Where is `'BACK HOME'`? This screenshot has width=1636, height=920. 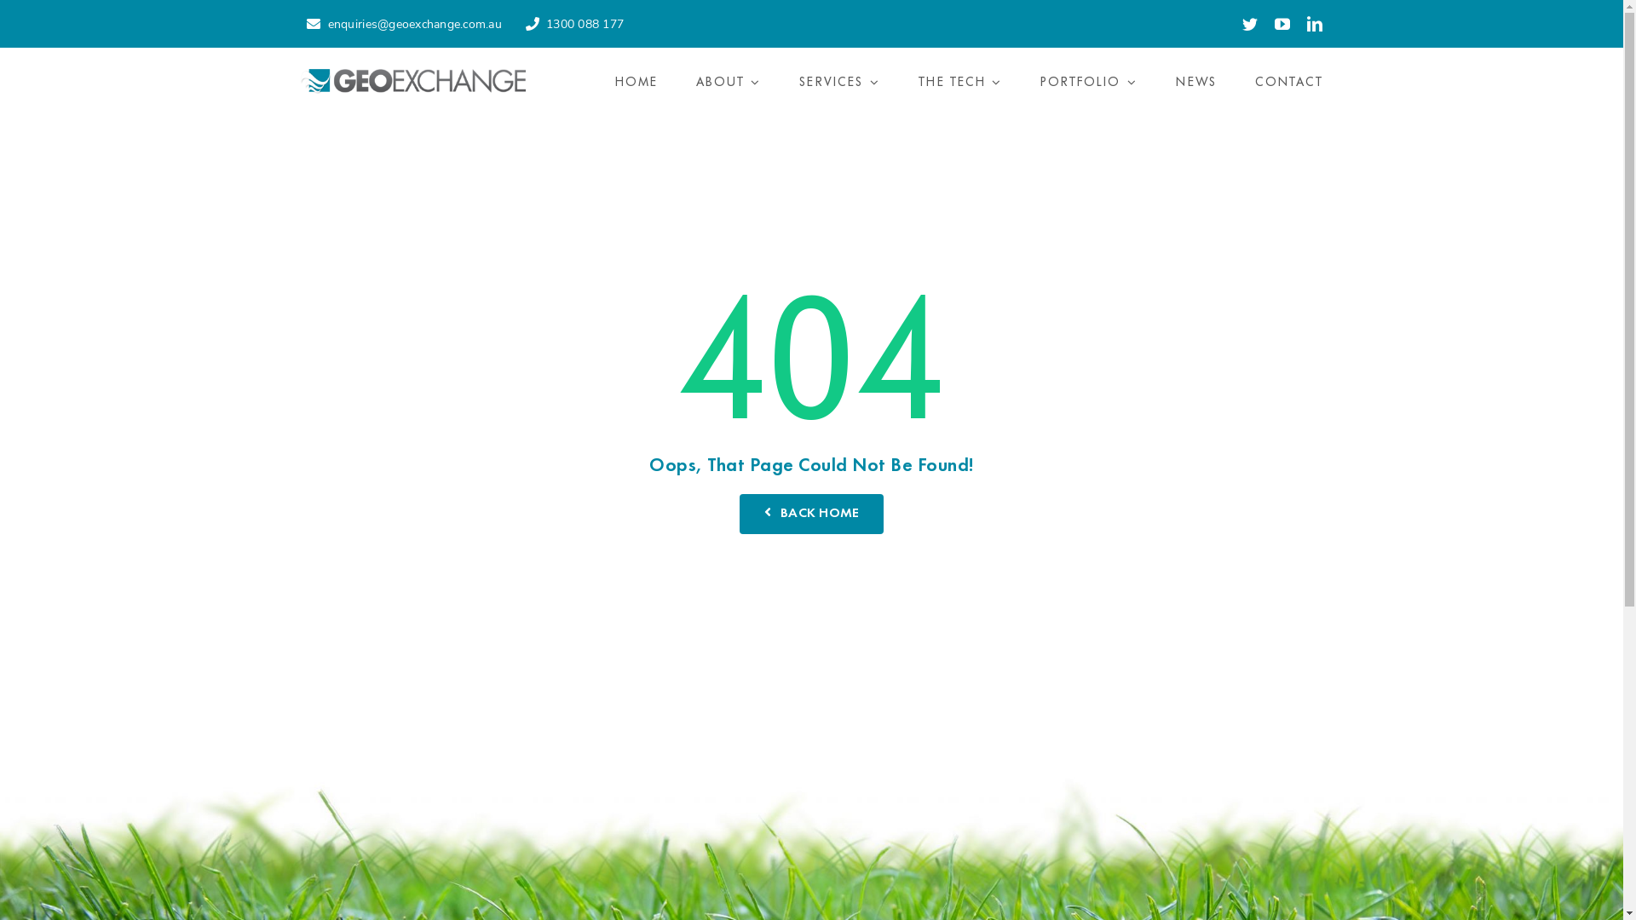 'BACK HOME' is located at coordinates (811, 512).